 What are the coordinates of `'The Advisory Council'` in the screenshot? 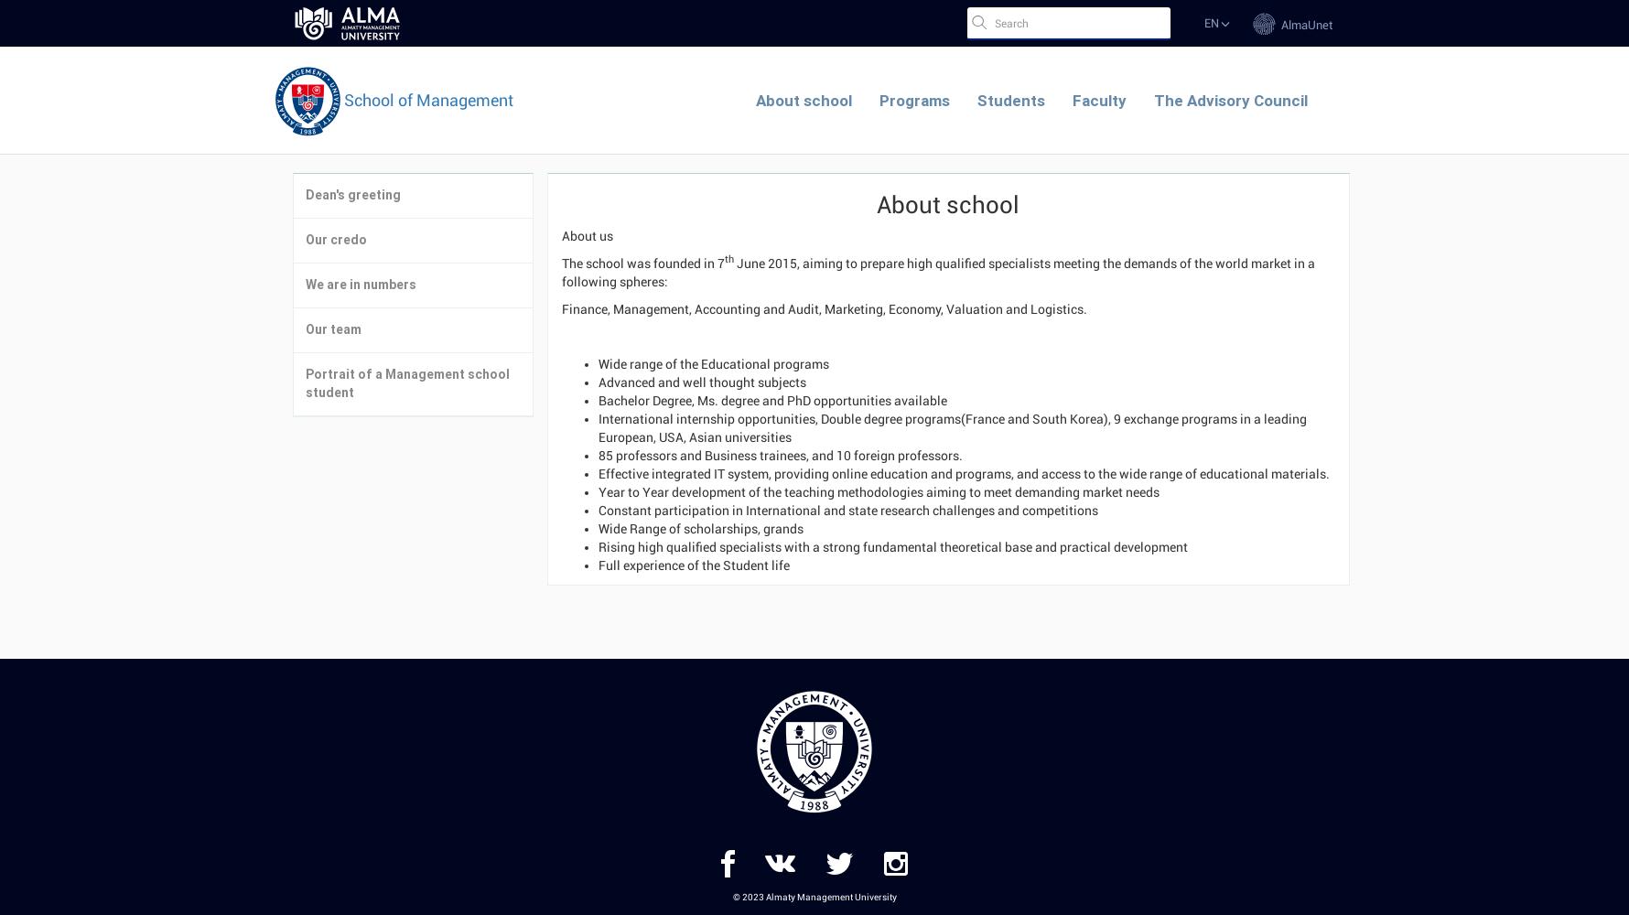 It's located at (1230, 100).